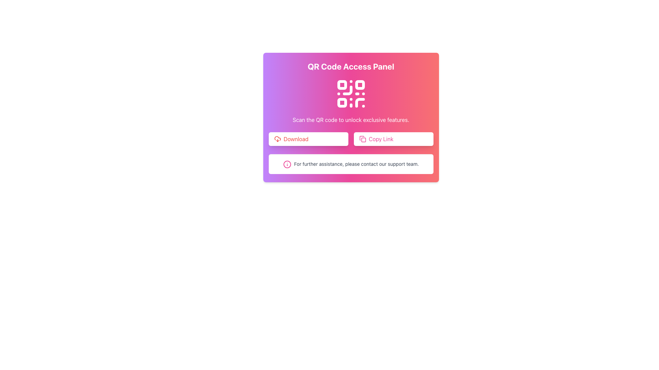 The image size is (659, 370). What do you see at coordinates (287, 164) in the screenshot?
I see `the circular marker with a solid pink outline that is part of the SVG information icon, located to the left of the text 'For further assistance, please contact our support team.'` at bounding box center [287, 164].